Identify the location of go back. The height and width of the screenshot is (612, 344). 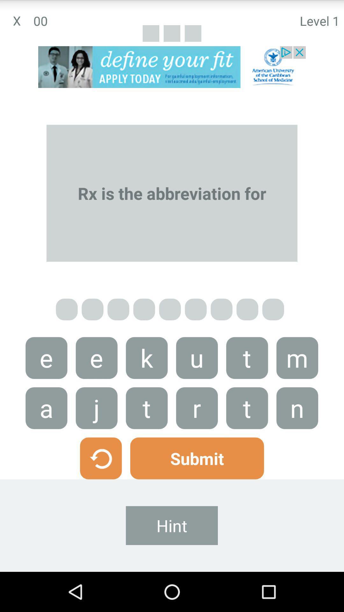
(100, 458).